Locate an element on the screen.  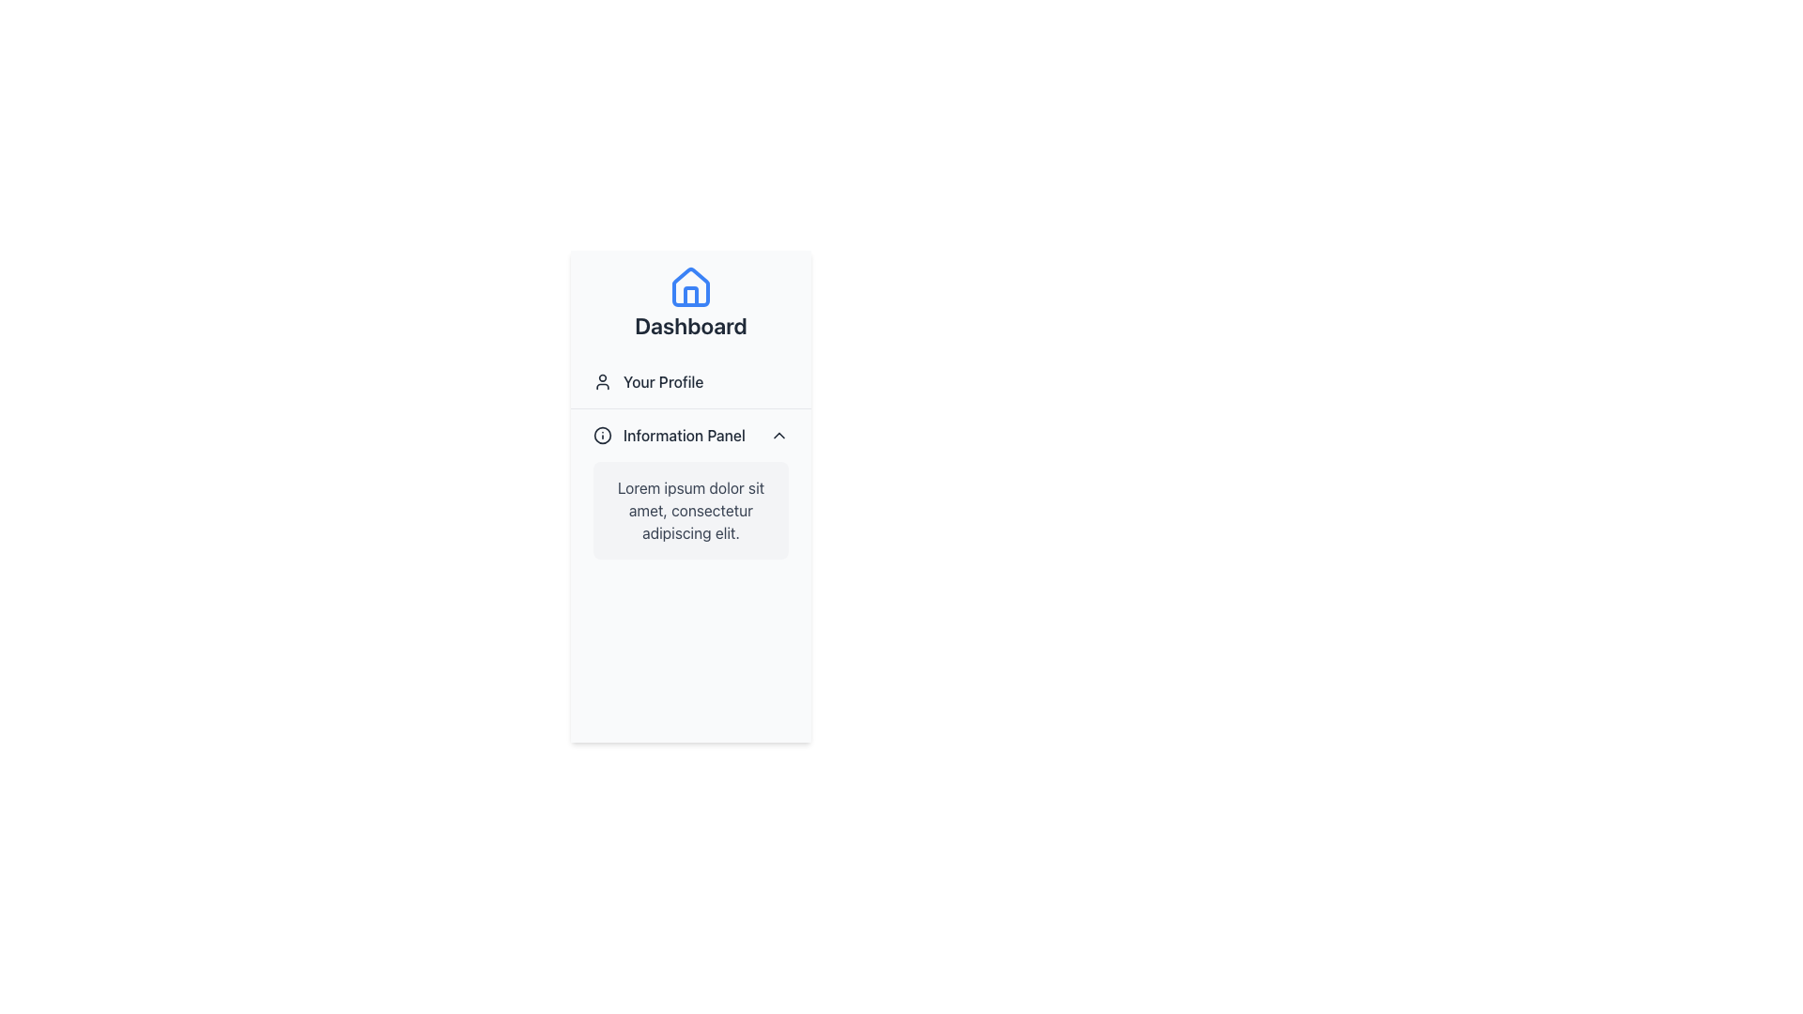
the icon that toggles the visibility of the collapsible or expandable panel, located to the right of the 'Information Panel' text is located at coordinates (779, 435).